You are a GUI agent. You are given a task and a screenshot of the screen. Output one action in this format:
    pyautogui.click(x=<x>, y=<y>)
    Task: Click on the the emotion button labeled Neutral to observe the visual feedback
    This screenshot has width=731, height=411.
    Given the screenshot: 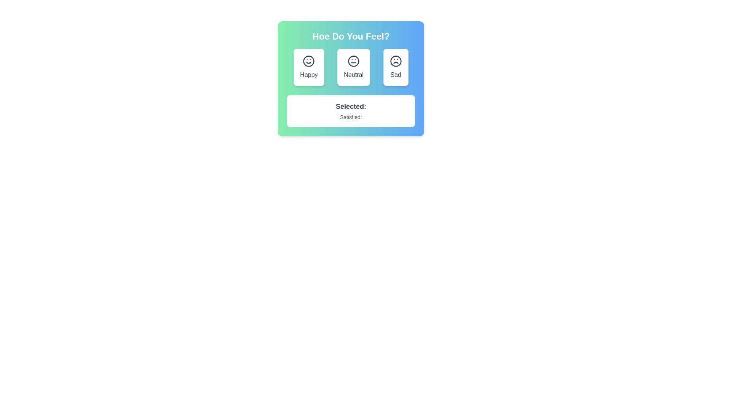 What is the action you would take?
    pyautogui.click(x=353, y=67)
    